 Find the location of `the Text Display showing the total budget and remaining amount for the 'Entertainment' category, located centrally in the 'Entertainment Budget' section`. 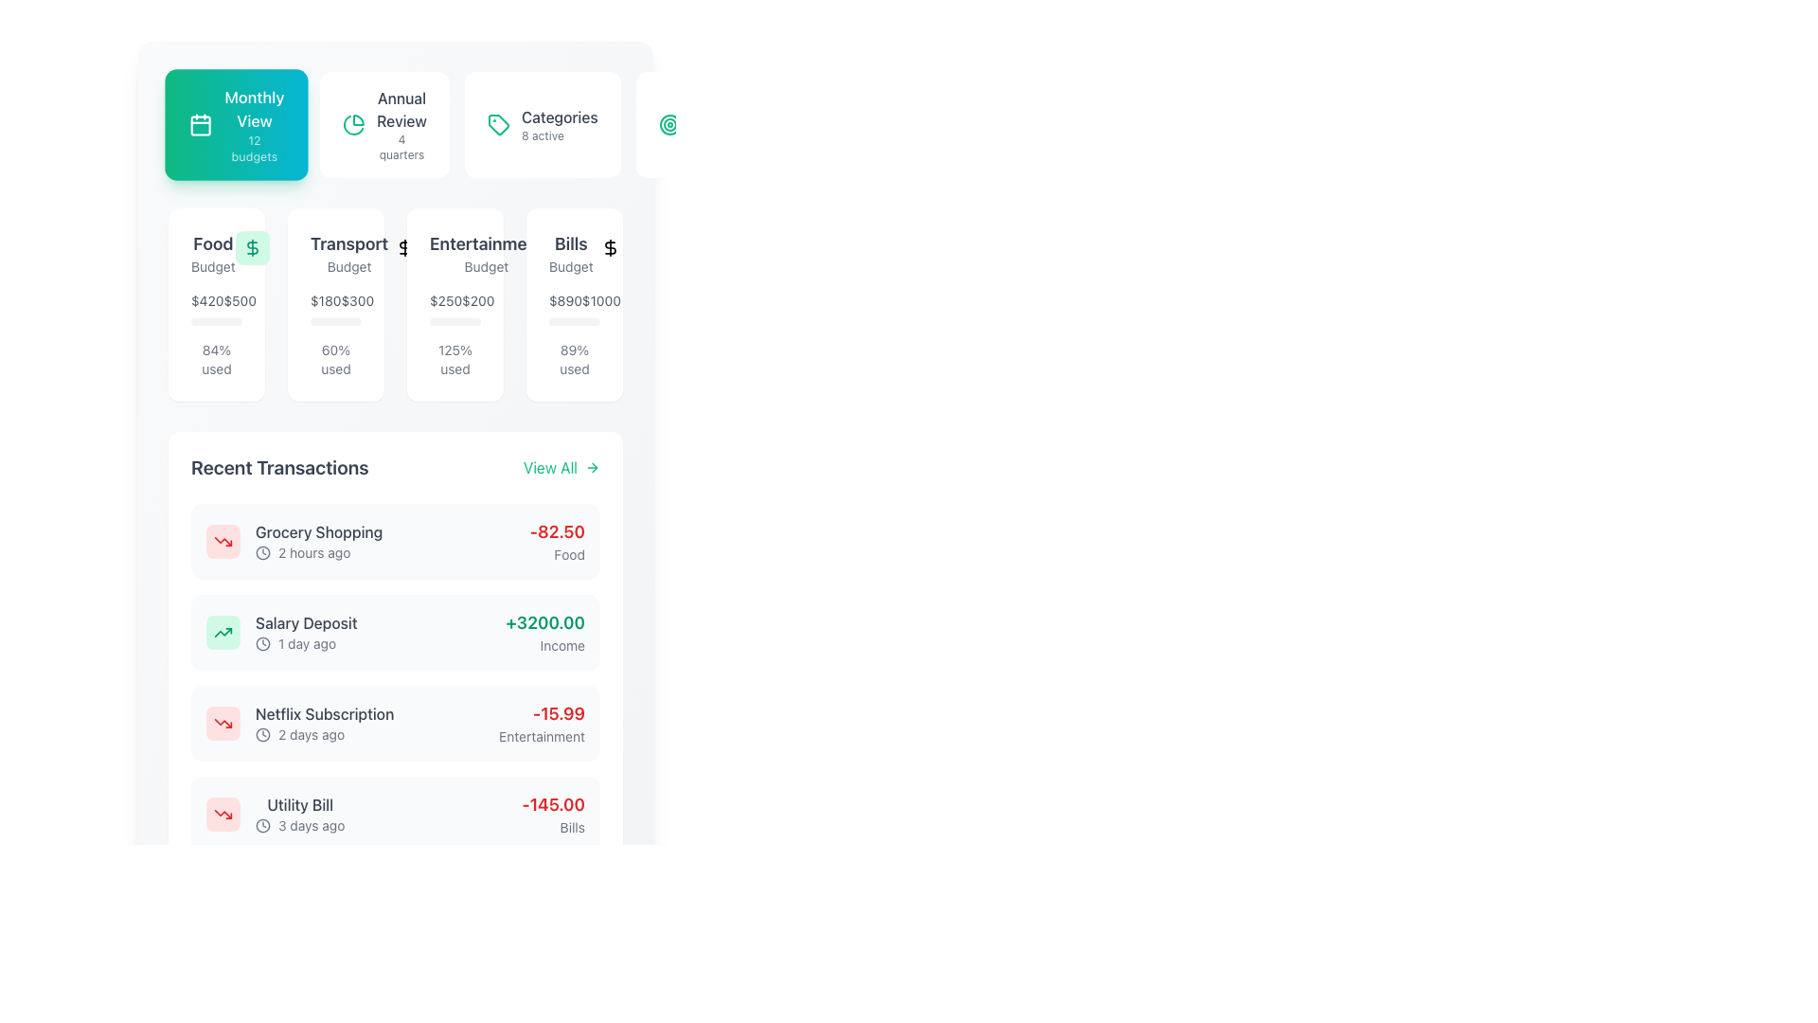

the Text Display showing the total budget and remaining amount for the 'Entertainment' category, located centrally in the 'Entertainment Budget' section is located at coordinates (454, 308).